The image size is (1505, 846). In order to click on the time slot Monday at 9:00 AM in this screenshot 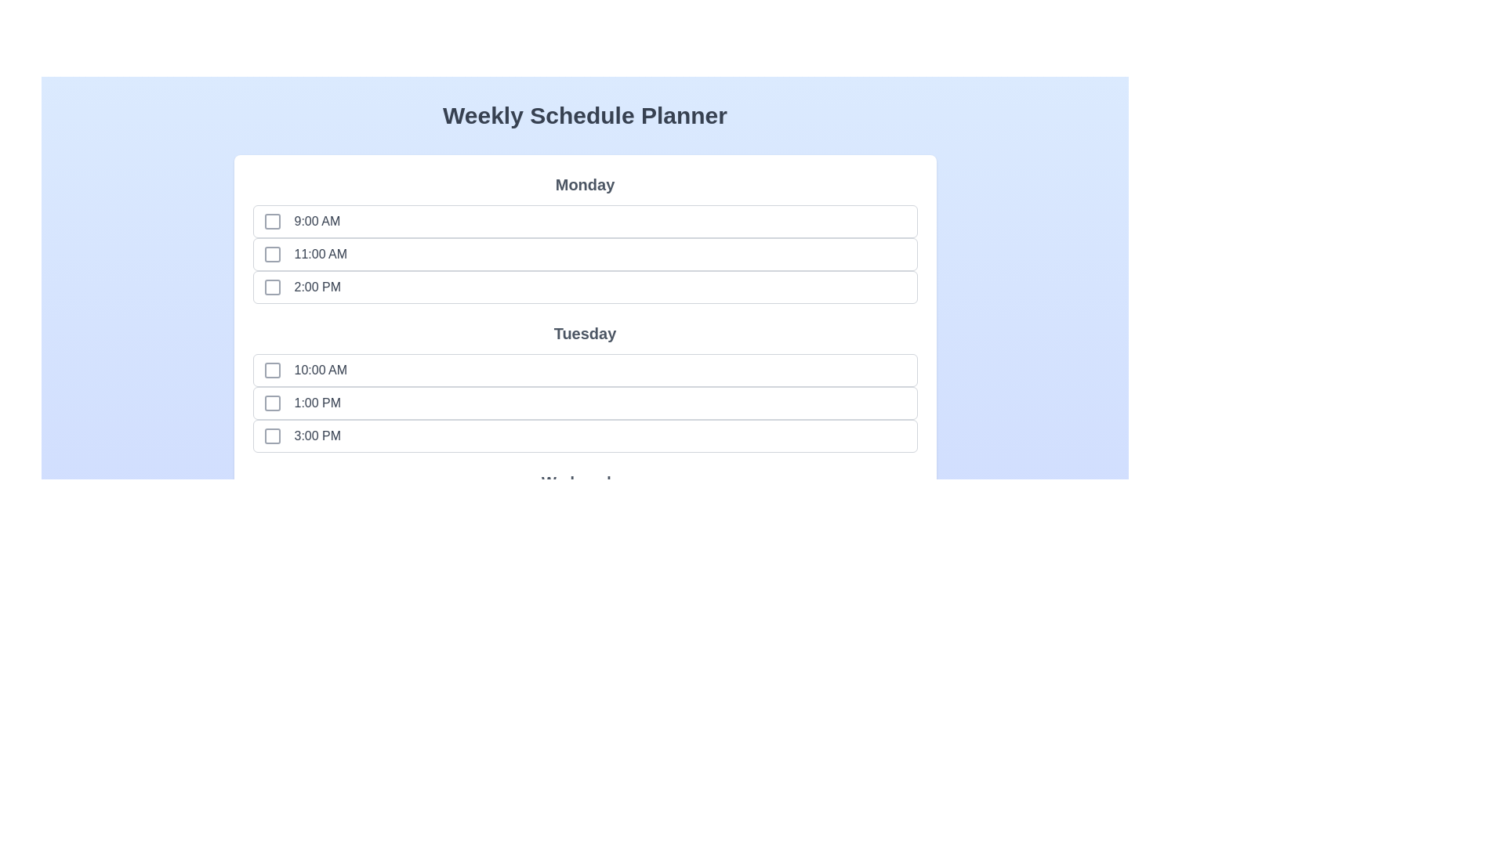, I will do `click(272, 221)`.